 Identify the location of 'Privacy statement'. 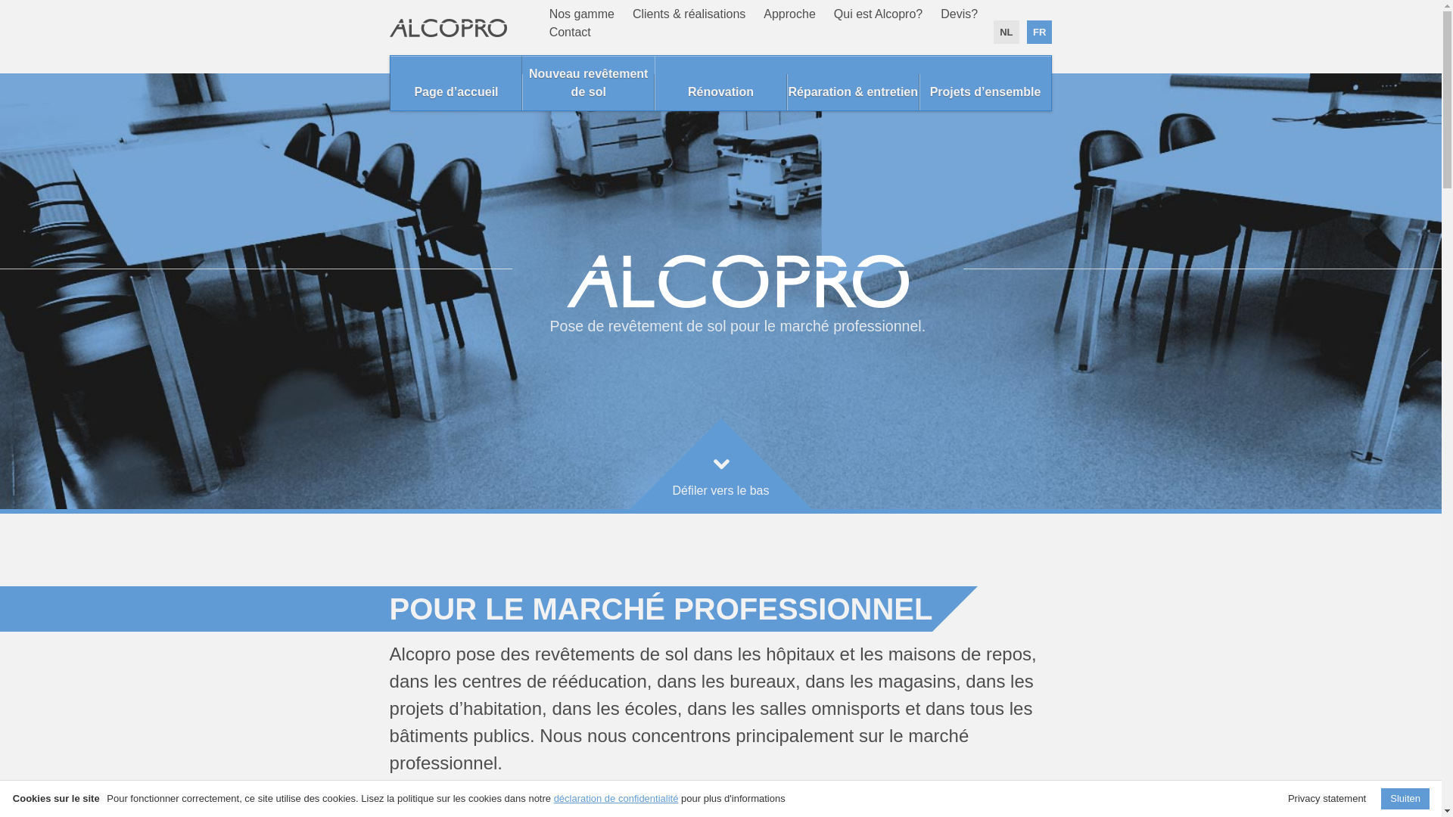
(1277, 798).